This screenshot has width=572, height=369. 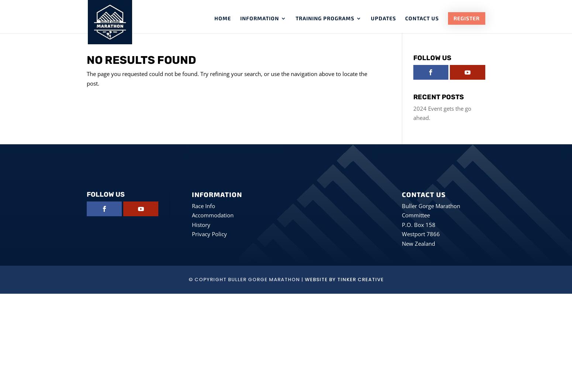 I want to click on 'The page you requested could not be found. Try refining your search, or use the navigation above to locate the post.', so click(x=227, y=78).